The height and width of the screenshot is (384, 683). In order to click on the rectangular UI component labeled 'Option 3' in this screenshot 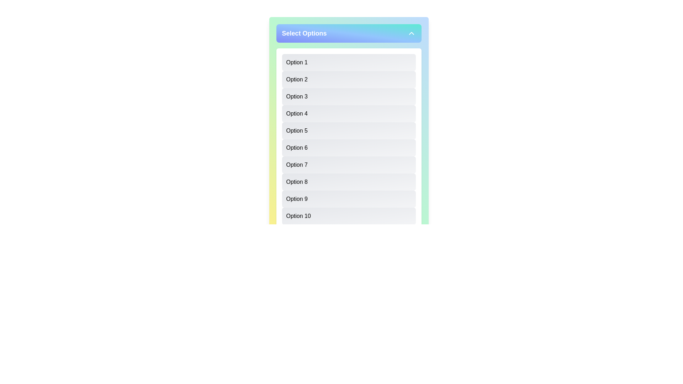, I will do `click(349, 97)`.